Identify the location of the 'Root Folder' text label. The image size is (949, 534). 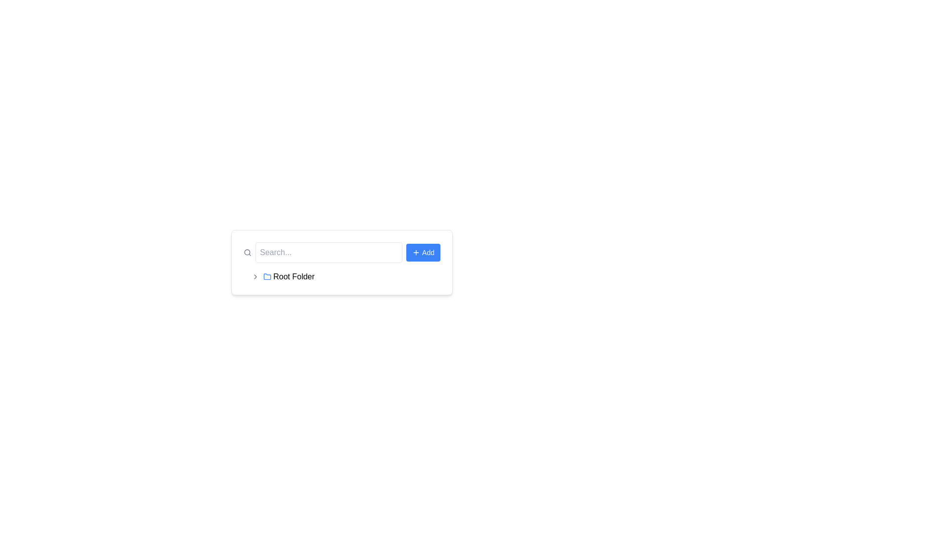
(293, 276).